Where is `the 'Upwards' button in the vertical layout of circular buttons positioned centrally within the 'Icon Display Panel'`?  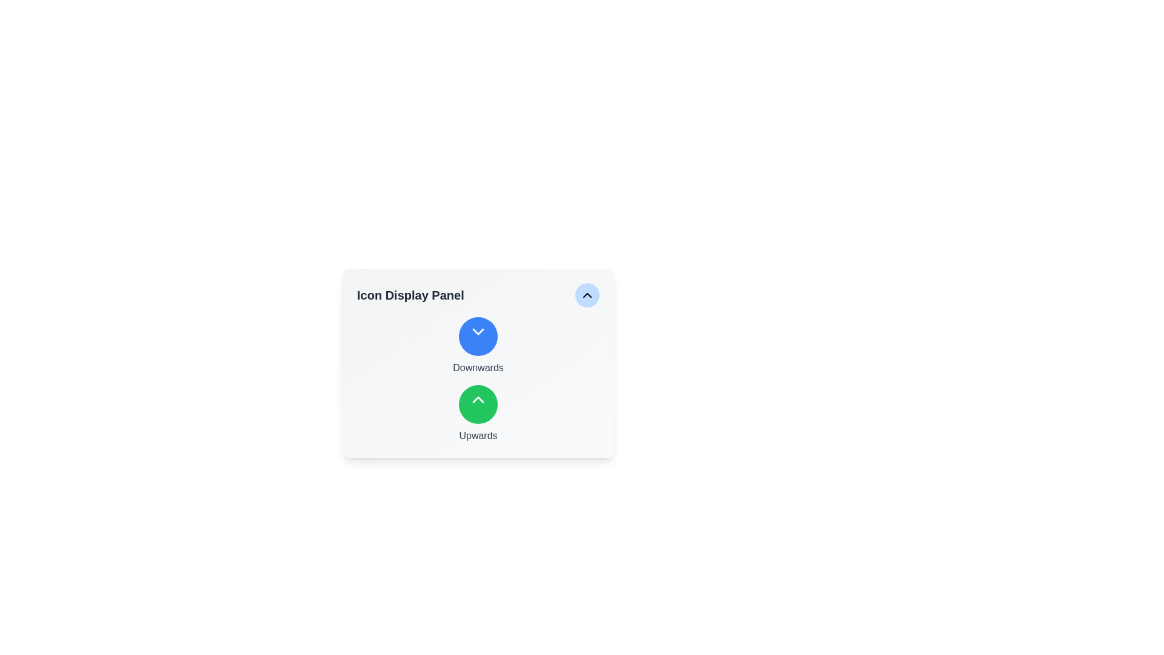 the 'Upwards' button in the vertical layout of circular buttons positioned centrally within the 'Icon Display Panel' is located at coordinates (477, 380).